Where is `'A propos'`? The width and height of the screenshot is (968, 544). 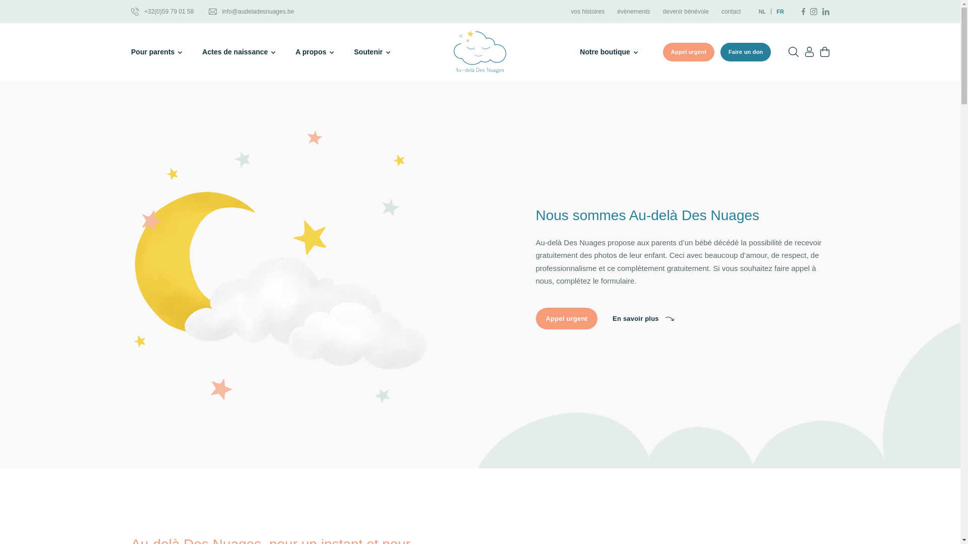 'A propos' is located at coordinates (314, 52).